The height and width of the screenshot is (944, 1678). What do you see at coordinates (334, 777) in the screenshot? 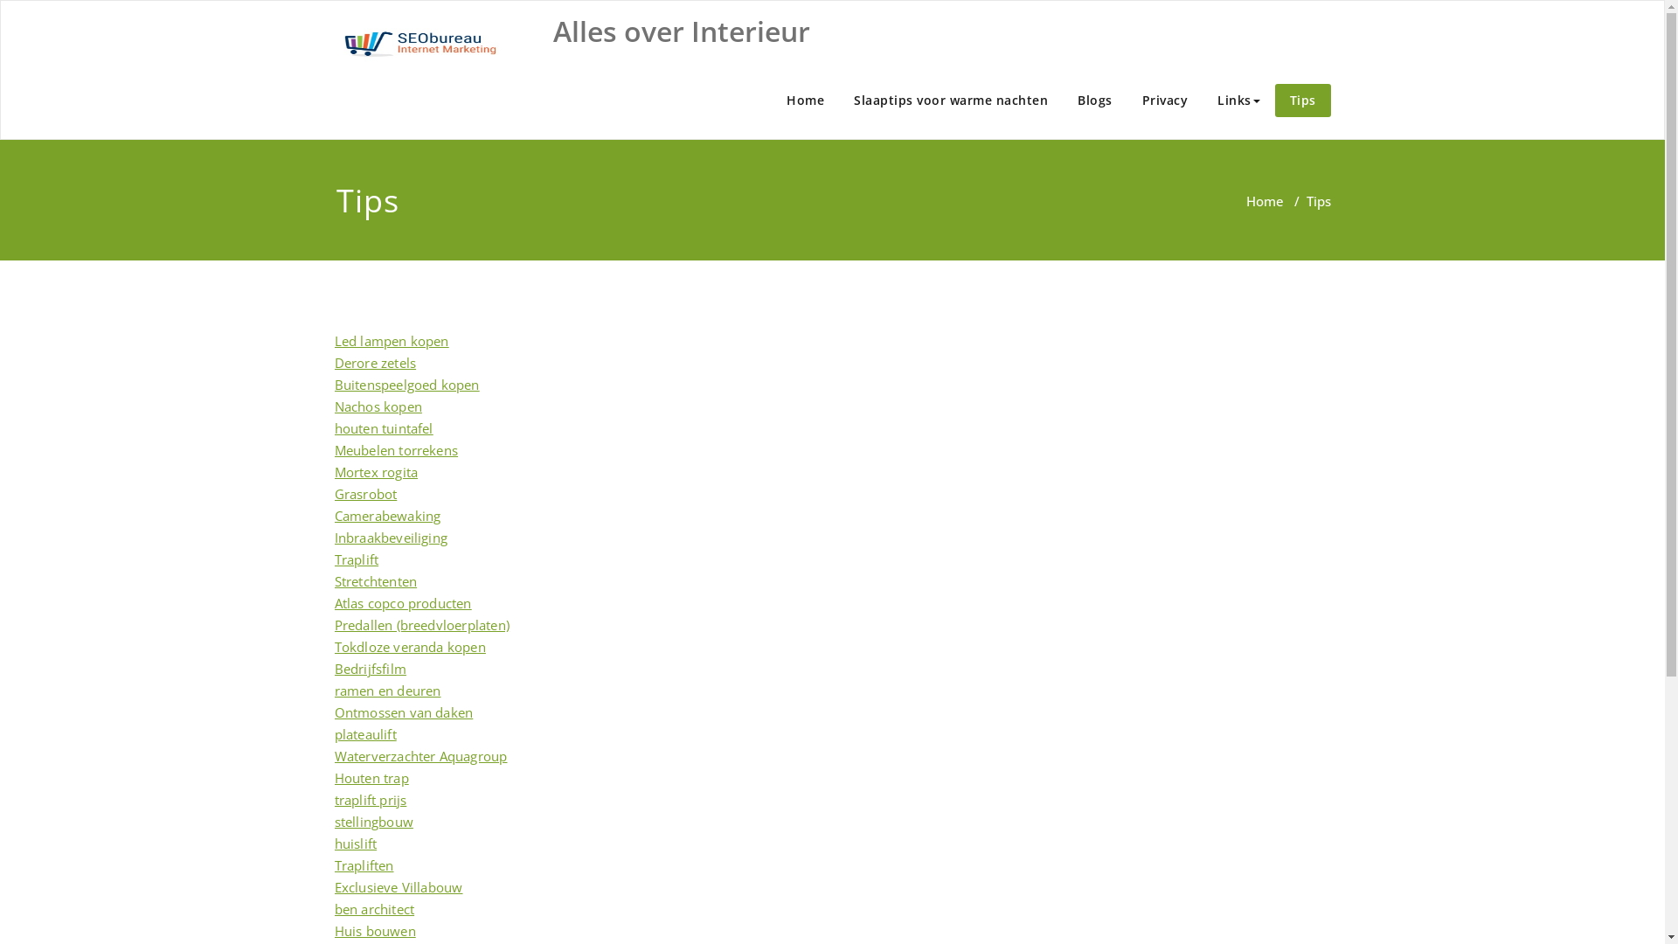
I see `'Houten trap'` at bounding box center [334, 777].